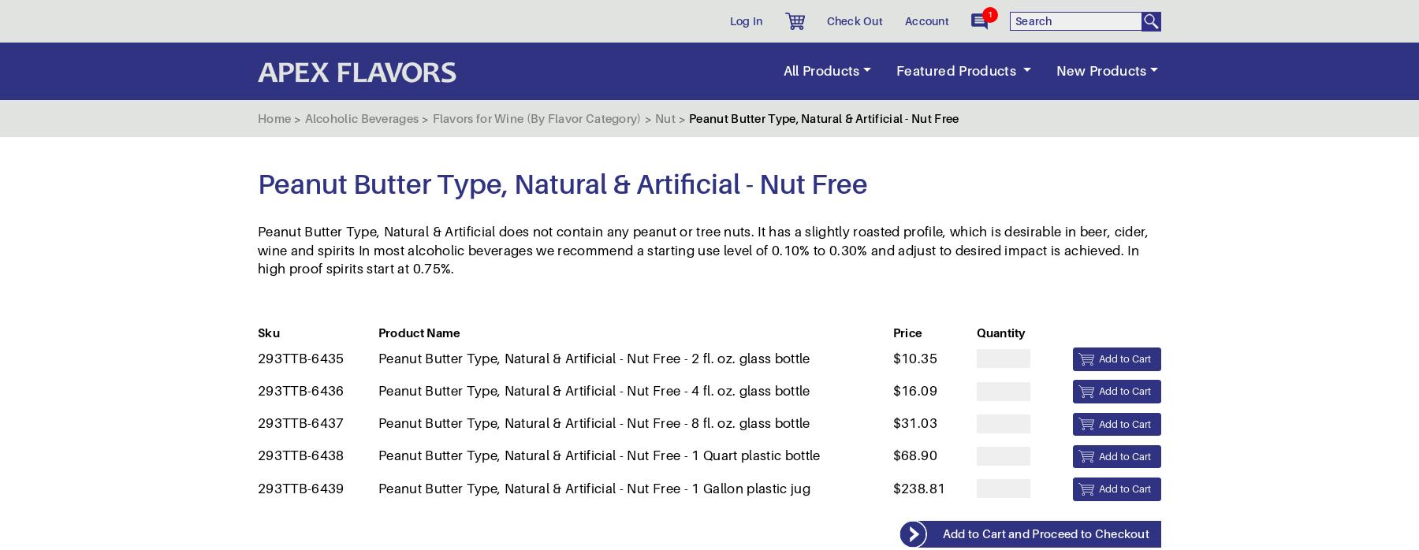 The height and width of the screenshot is (550, 1419). What do you see at coordinates (913, 80) in the screenshot?
I see `'$16.09'` at bounding box center [913, 80].